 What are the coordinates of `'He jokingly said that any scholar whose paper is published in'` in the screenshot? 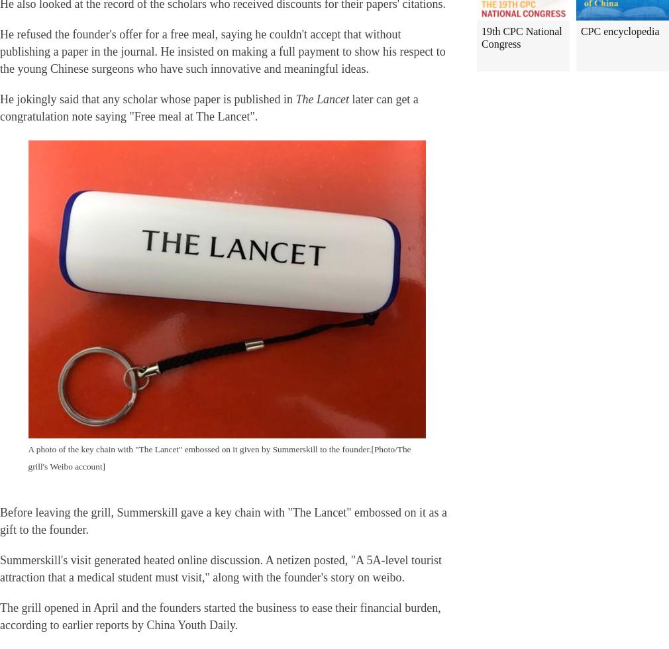 It's located at (147, 99).